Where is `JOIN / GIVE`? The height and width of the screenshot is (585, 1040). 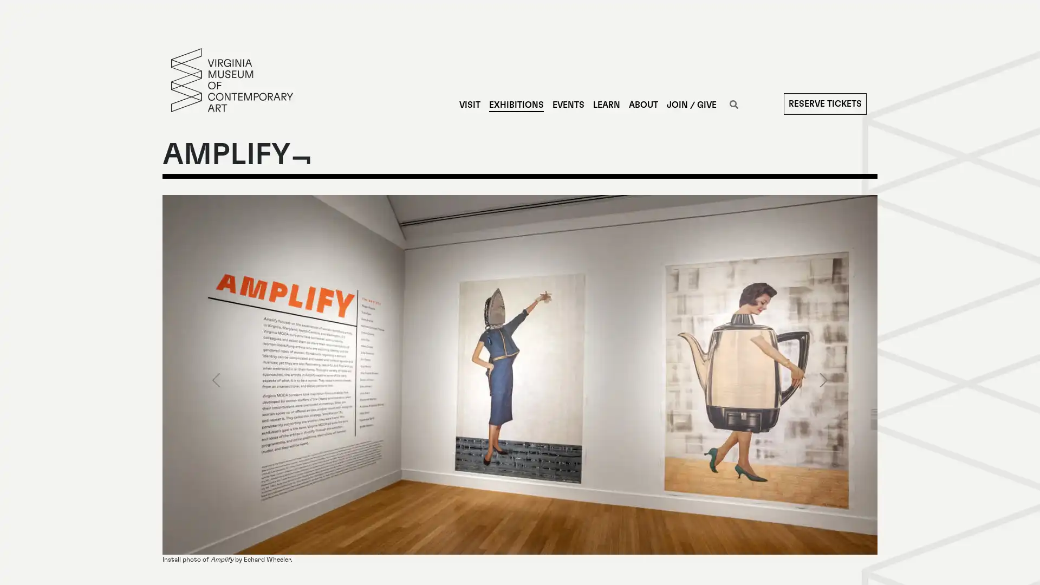
JOIN / GIVE is located at coordinates (691, 105).